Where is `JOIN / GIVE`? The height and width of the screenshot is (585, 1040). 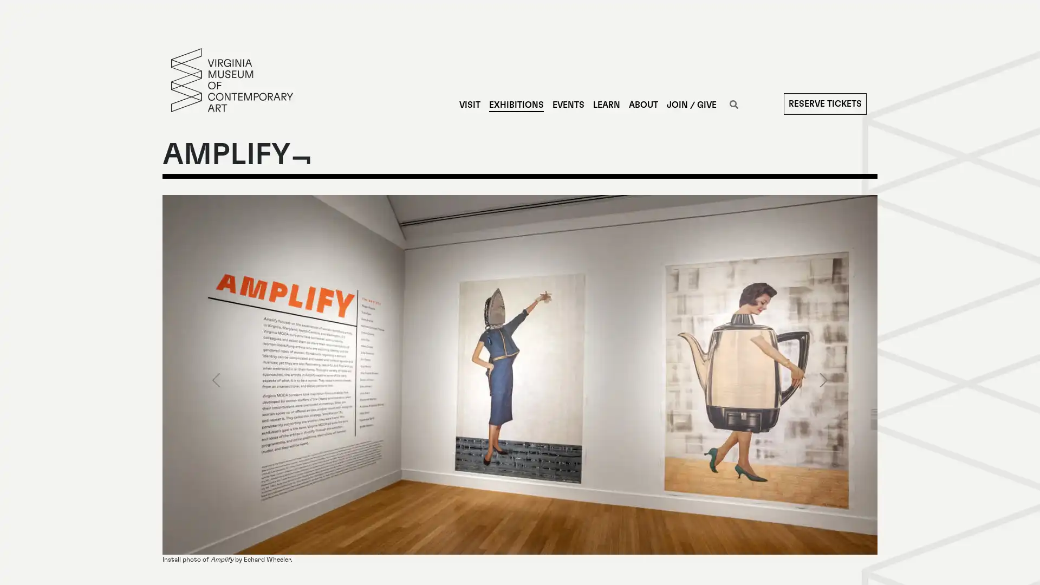
JOIN / GIVE is located at coordinates (691, 105).